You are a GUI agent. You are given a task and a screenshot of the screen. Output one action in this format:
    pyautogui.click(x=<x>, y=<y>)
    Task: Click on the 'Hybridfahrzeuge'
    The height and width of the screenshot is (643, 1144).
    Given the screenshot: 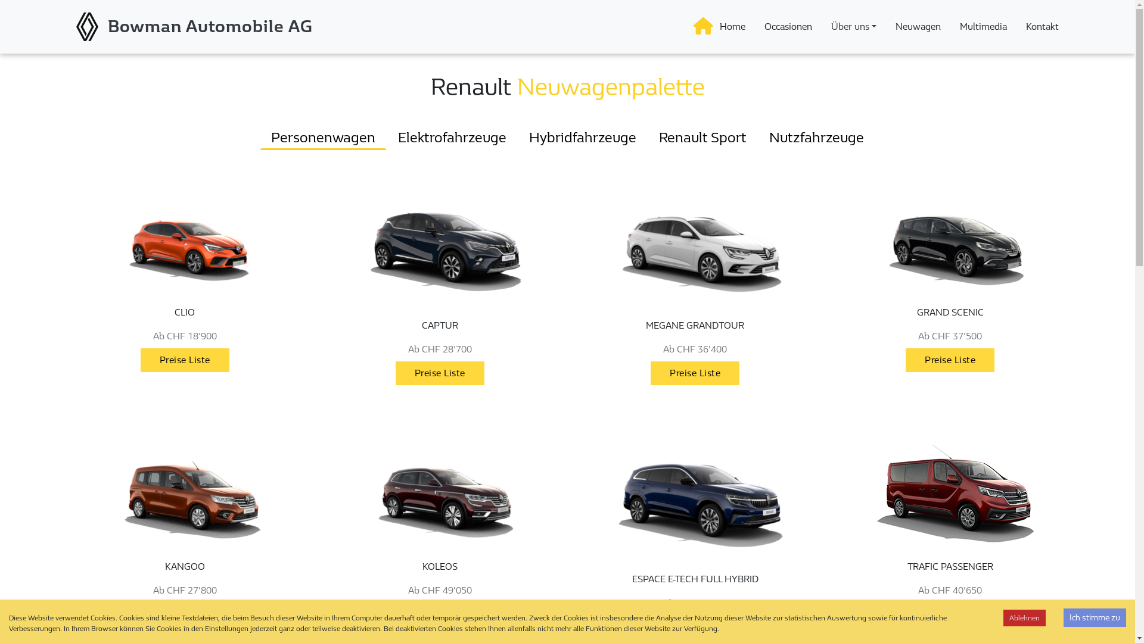 What is the action you would take?
    pyautogui.click(x=583, y=137)
    